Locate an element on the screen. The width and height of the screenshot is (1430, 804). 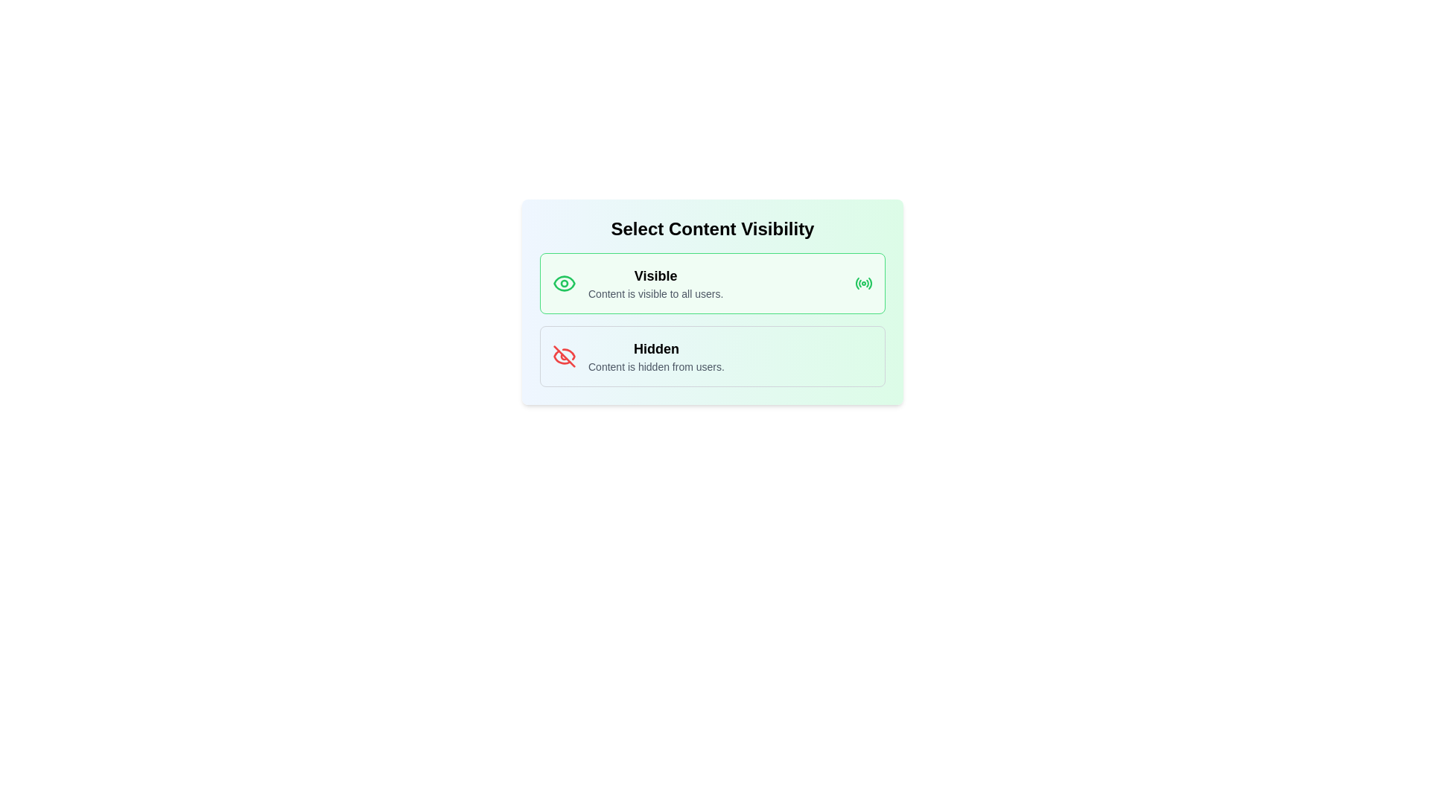
the 'Hidden' visibility option button, which is a rectangular UI component with a white background, a red eye-slash icon, and bold black 'Hidden' text is located at coordinates (711, 356).